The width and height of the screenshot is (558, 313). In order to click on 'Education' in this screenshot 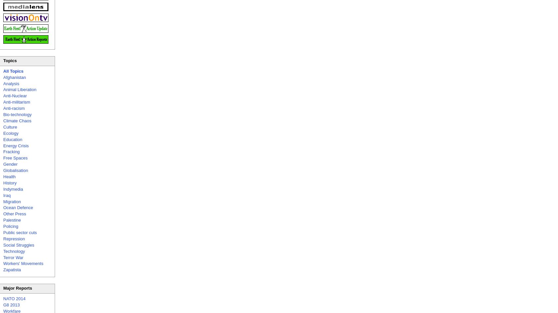, I will do `click(3, 139)`.